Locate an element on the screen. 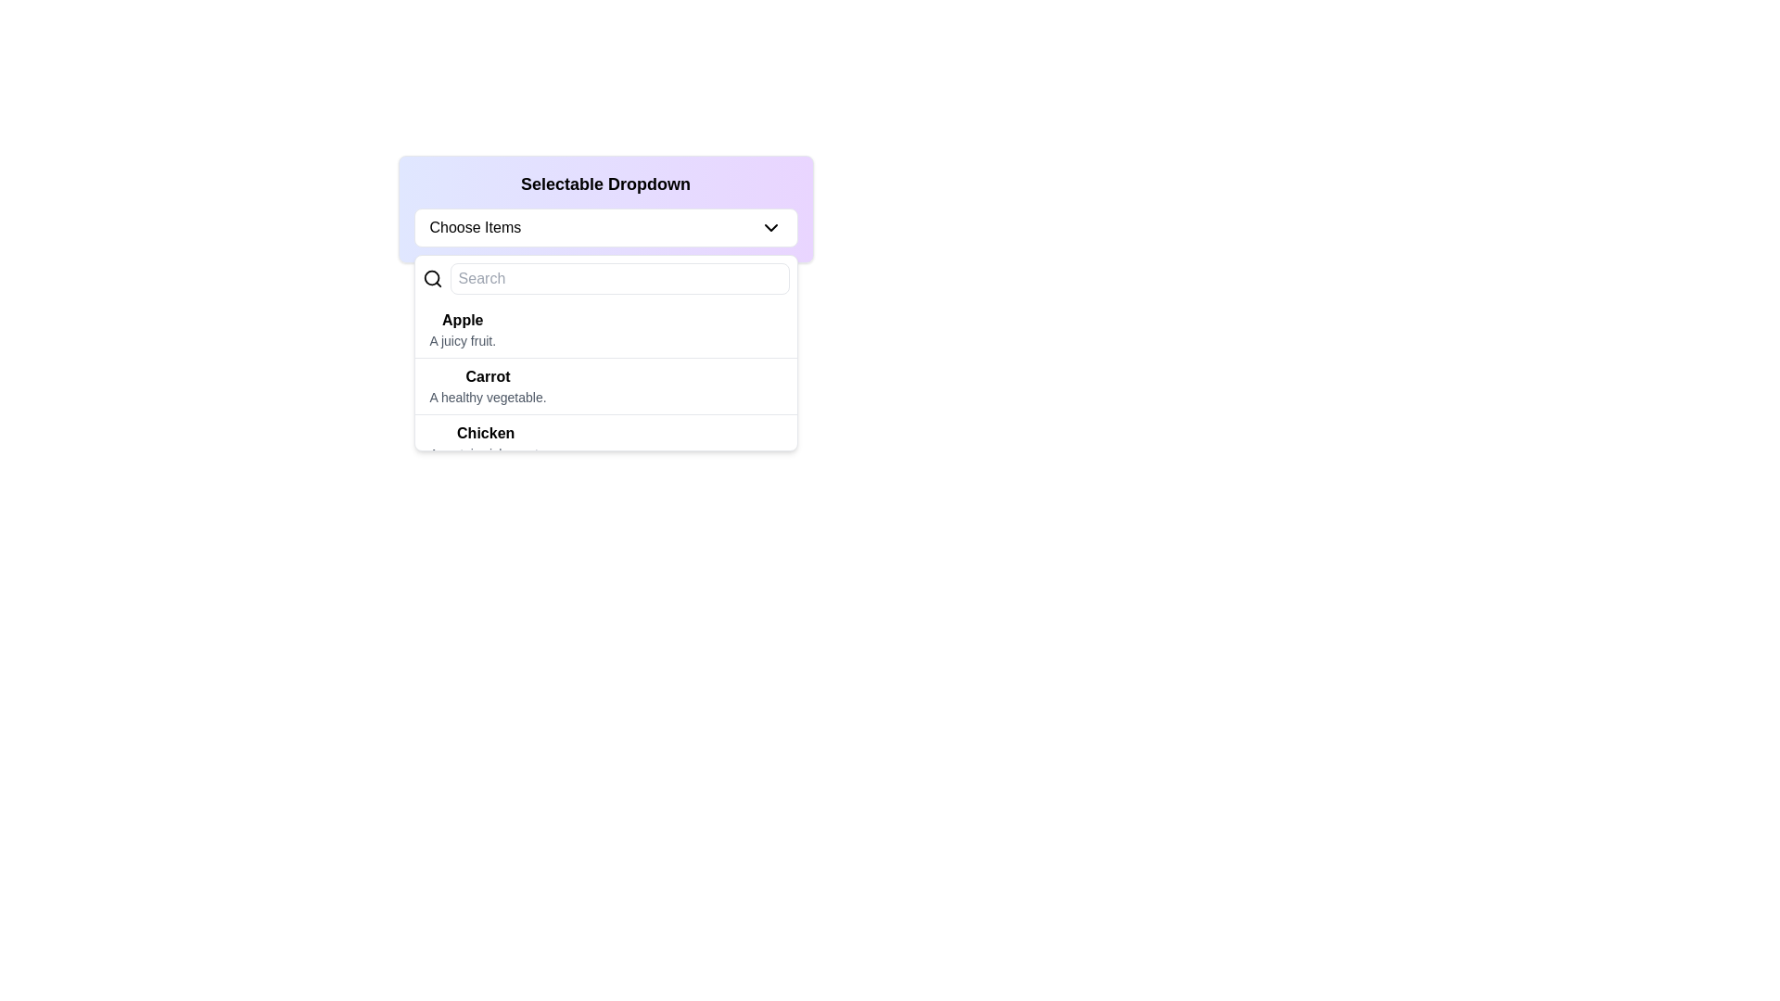 The height and width of the screenshot is (1001, 1780). the label representing the second item in the 'Selectable Dropdown' menu is located at coordinates (488, 376).